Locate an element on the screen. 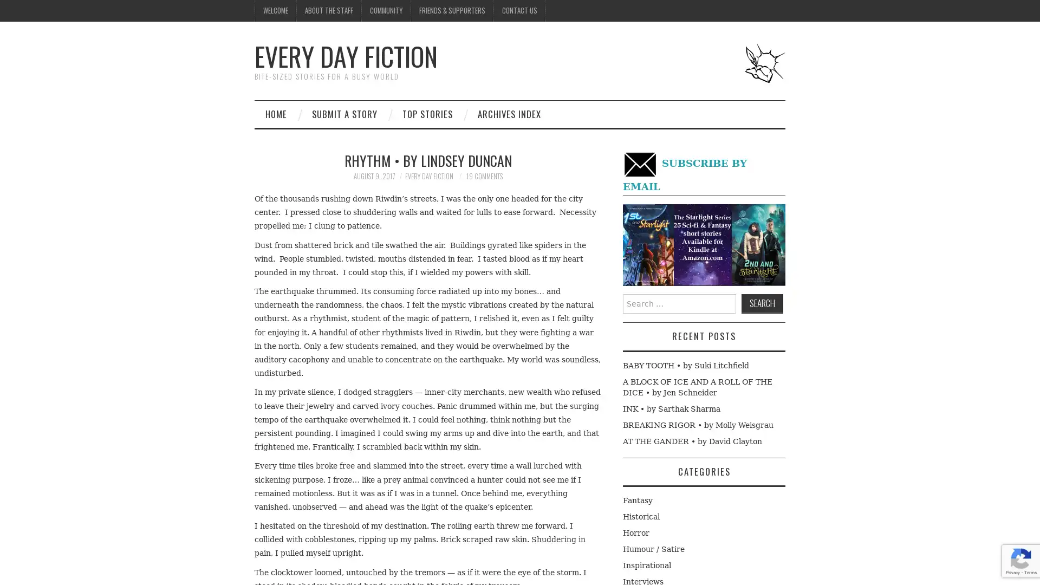  Search is located at coordinates (762, 304).